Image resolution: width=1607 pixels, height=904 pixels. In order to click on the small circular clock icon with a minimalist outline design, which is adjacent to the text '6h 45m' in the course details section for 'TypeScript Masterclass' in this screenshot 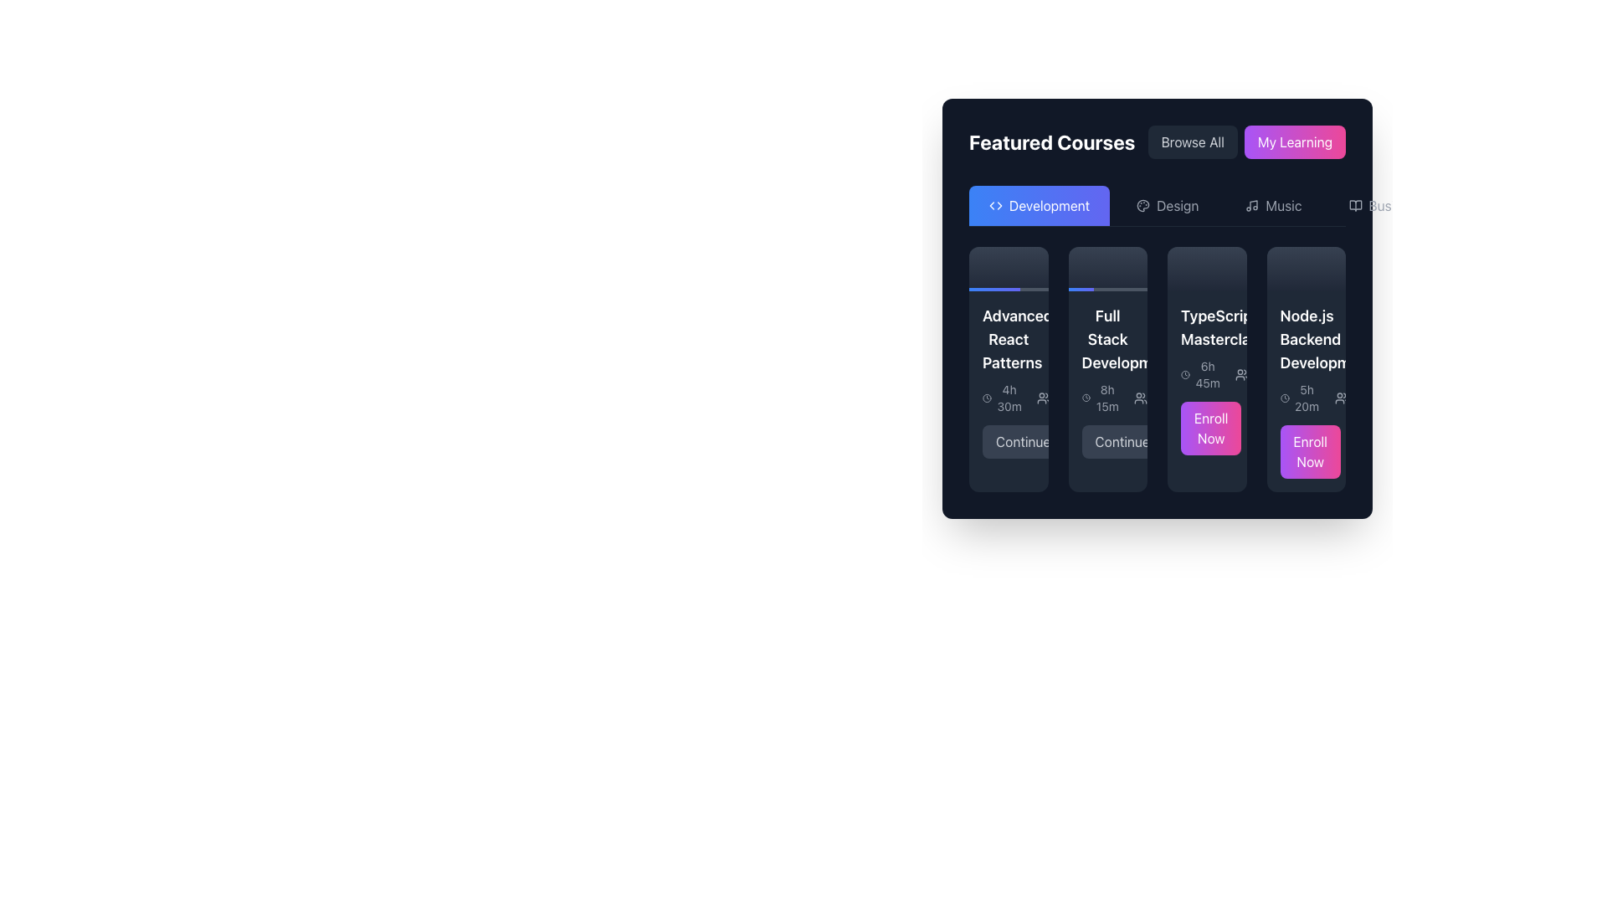, I will do `click(1184, 374)`.